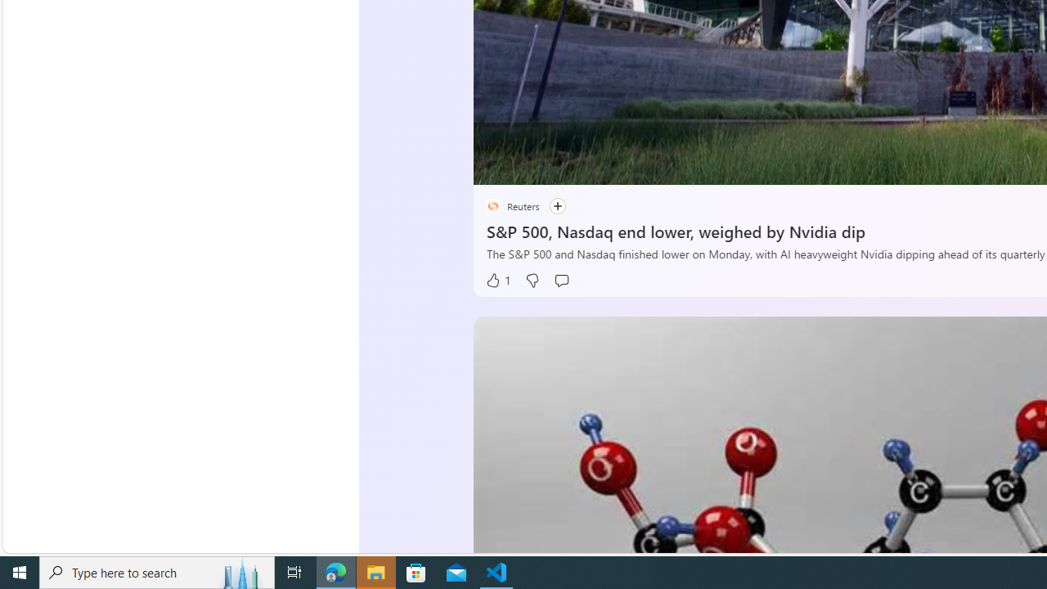  What do you see at coordinates (497, 280) in the screenshot?
I see `'1 Like'` at bounding box center [497, 280].